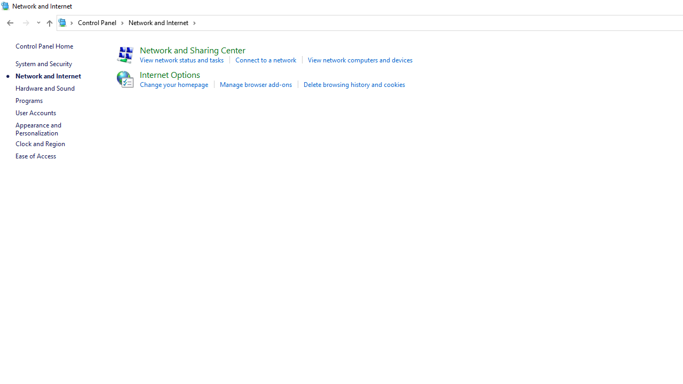  Describe the element at coordinates (360, 60) in the screenshot. I see `'View network computers and devices'` at that location.